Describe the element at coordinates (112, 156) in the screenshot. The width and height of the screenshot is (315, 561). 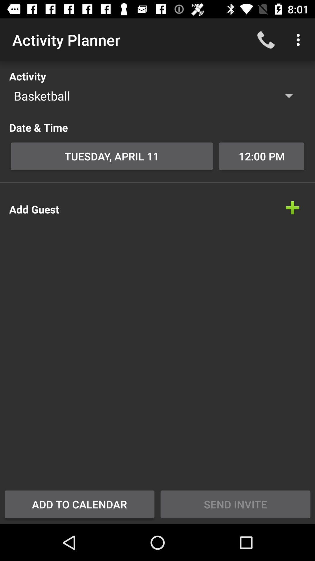
I see `icon below date & time item` at that location.